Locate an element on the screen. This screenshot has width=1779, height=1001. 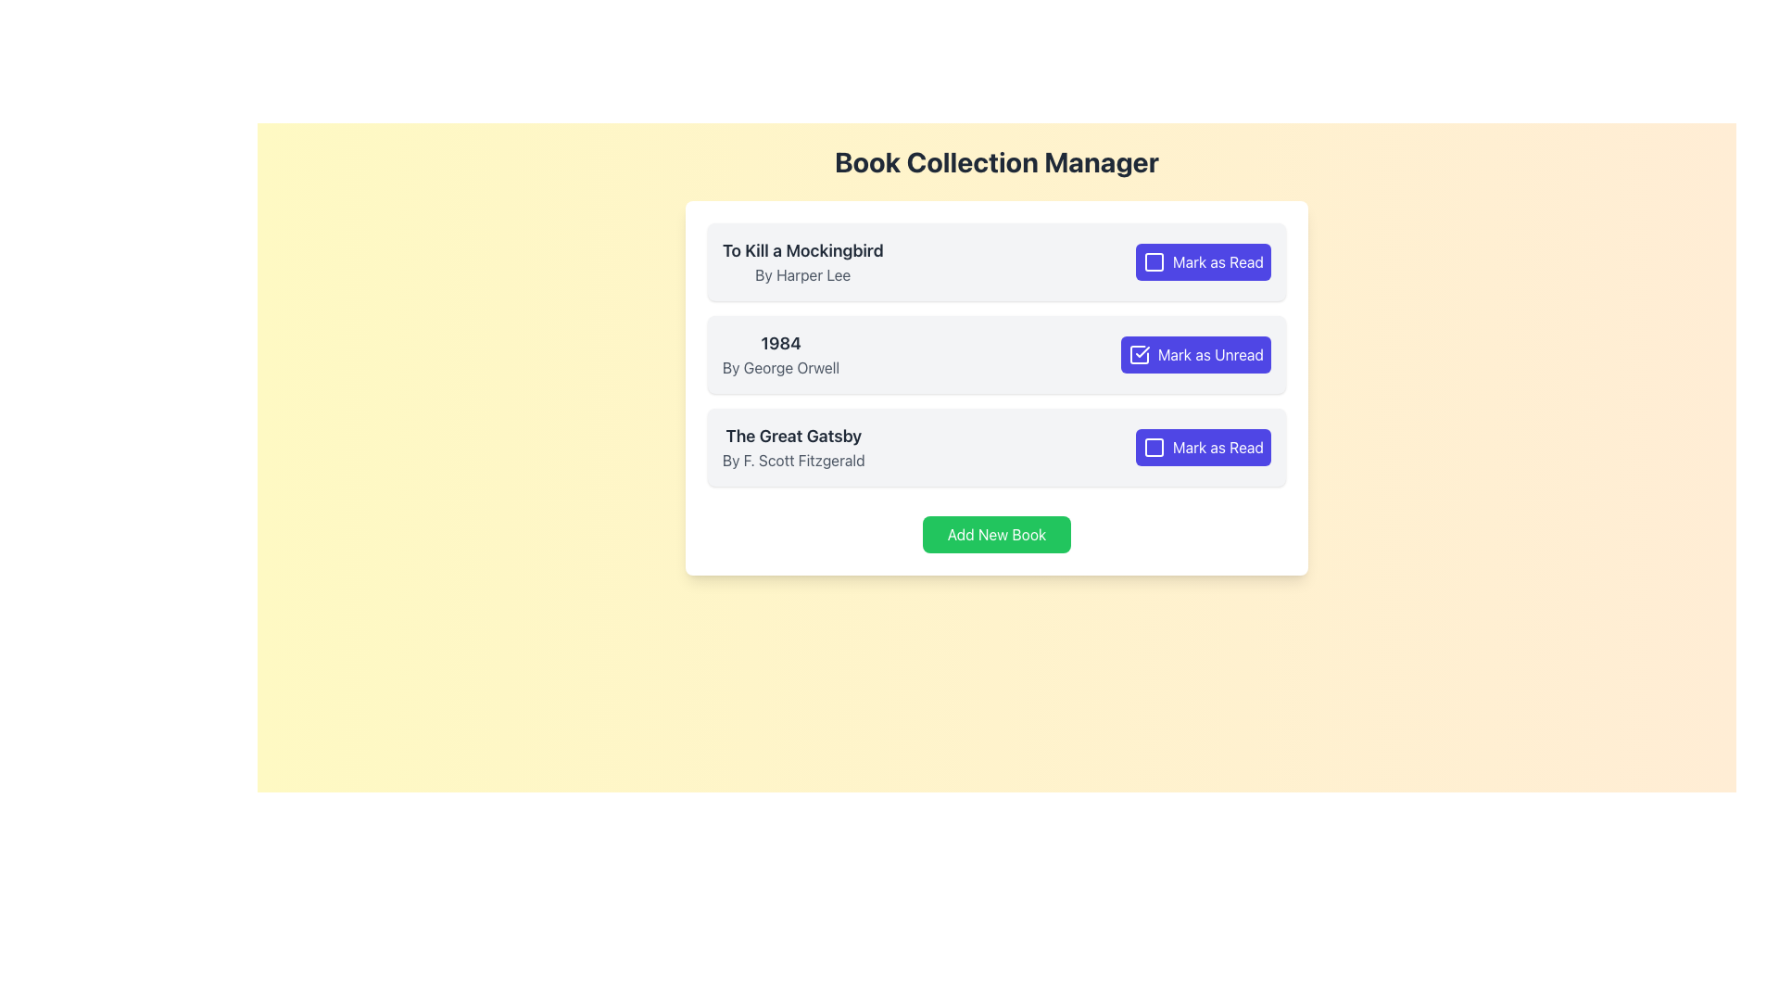
the text label indicating to mark the associated book entry '1984' as unread, located in the second row of the book list is located at coordinates (1210, 354).